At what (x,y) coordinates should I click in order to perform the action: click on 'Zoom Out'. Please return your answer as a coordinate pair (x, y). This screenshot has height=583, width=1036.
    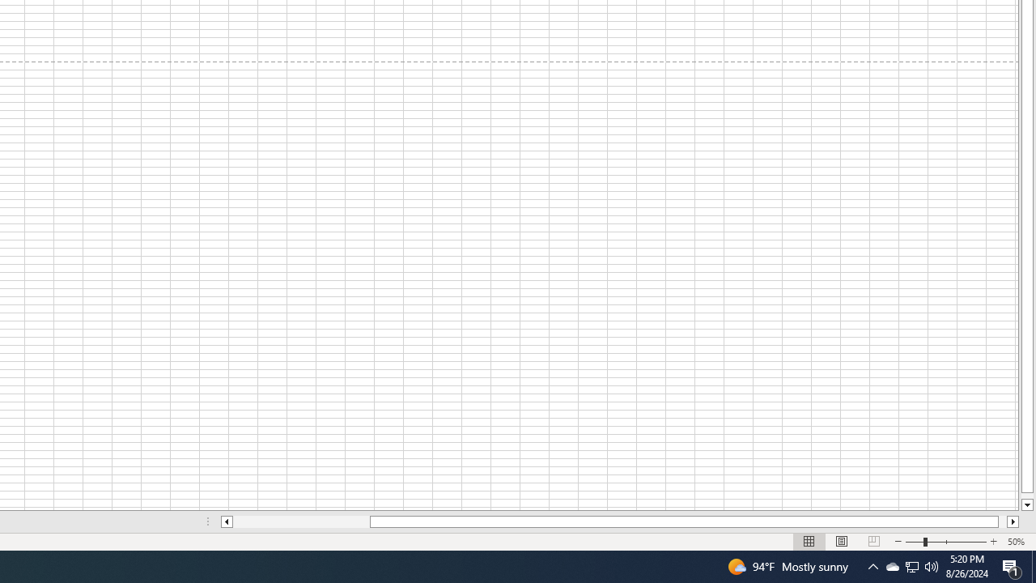
    Looking at the image, I should click on (914, 542).